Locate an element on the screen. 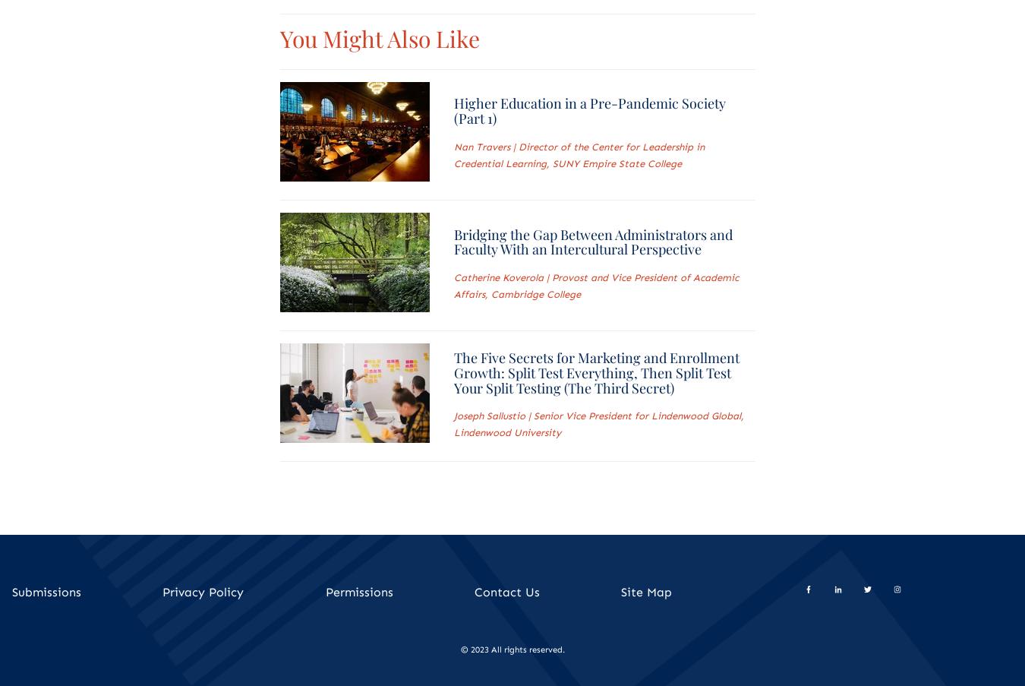 The image size is (1025, 686). 'Higher Education in a Pre-Pandemic Society (Part 1)' is located at coordinates (453, 110).